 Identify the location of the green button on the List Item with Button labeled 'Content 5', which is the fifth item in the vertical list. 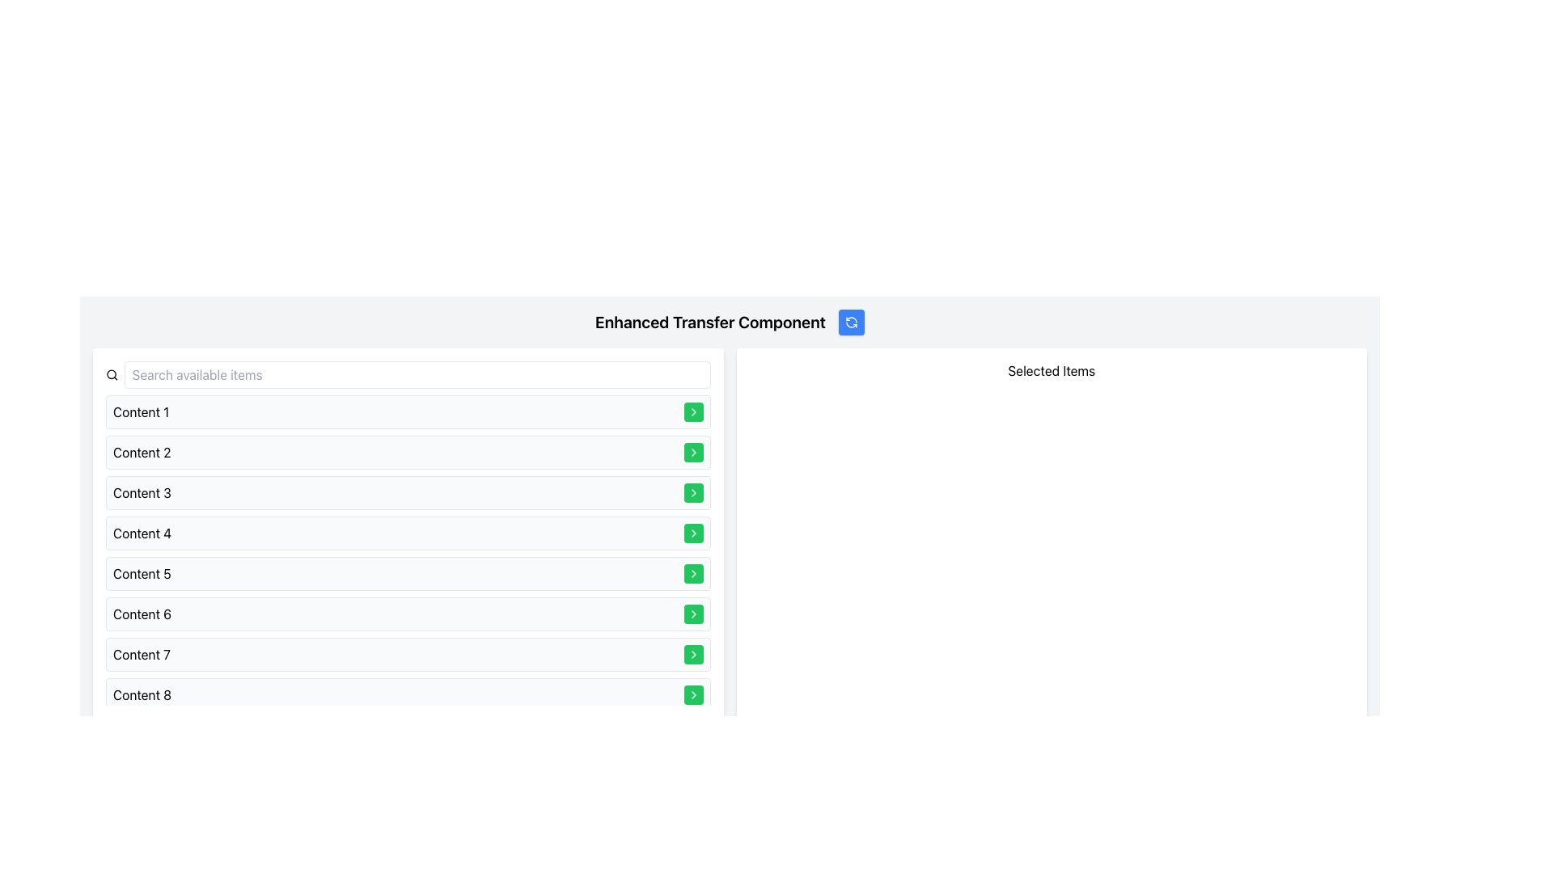
(408, 572).